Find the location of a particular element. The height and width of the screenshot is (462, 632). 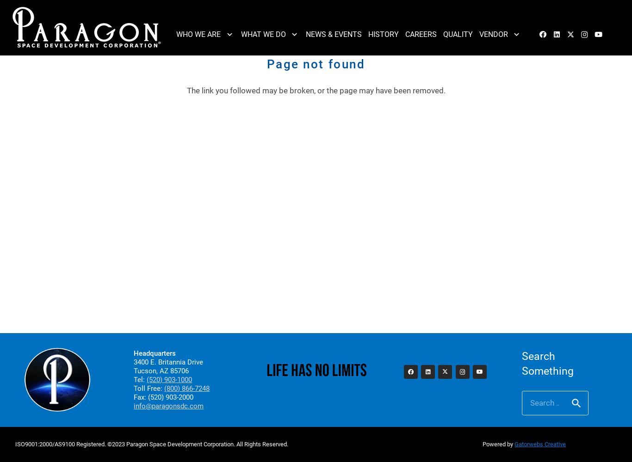

'Terms & Conditions' is located at coordinates (516, 75).